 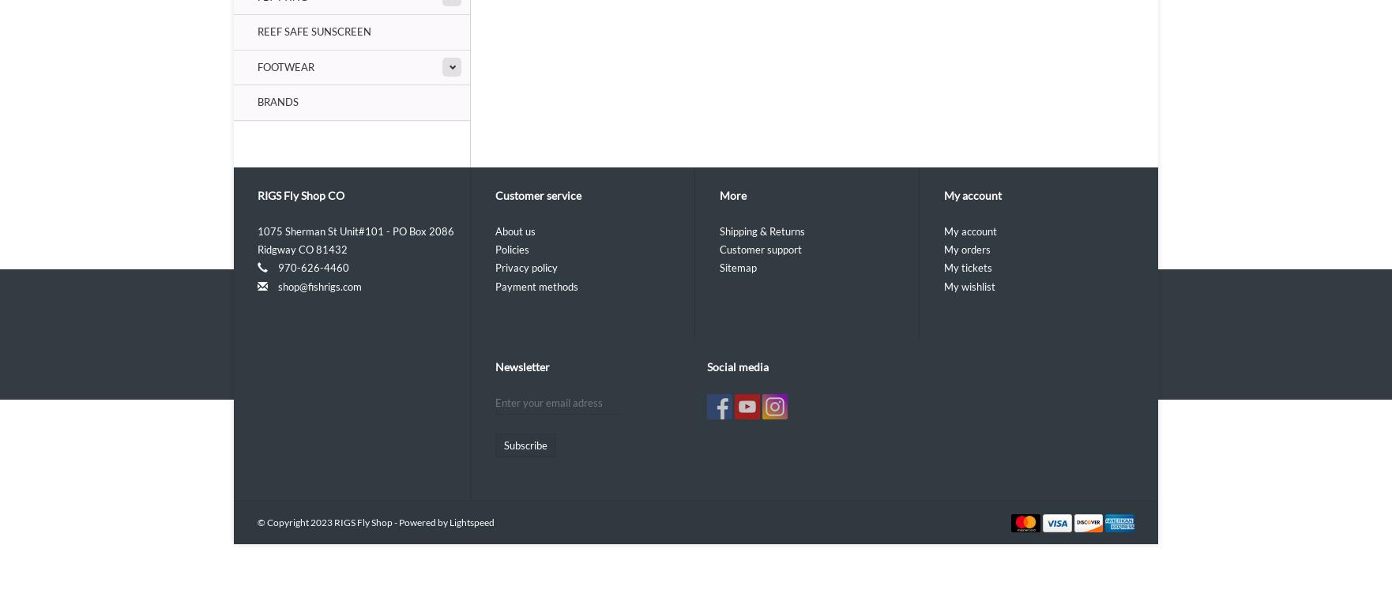 I want to click on 'Brands', so click(x=278, y=101).